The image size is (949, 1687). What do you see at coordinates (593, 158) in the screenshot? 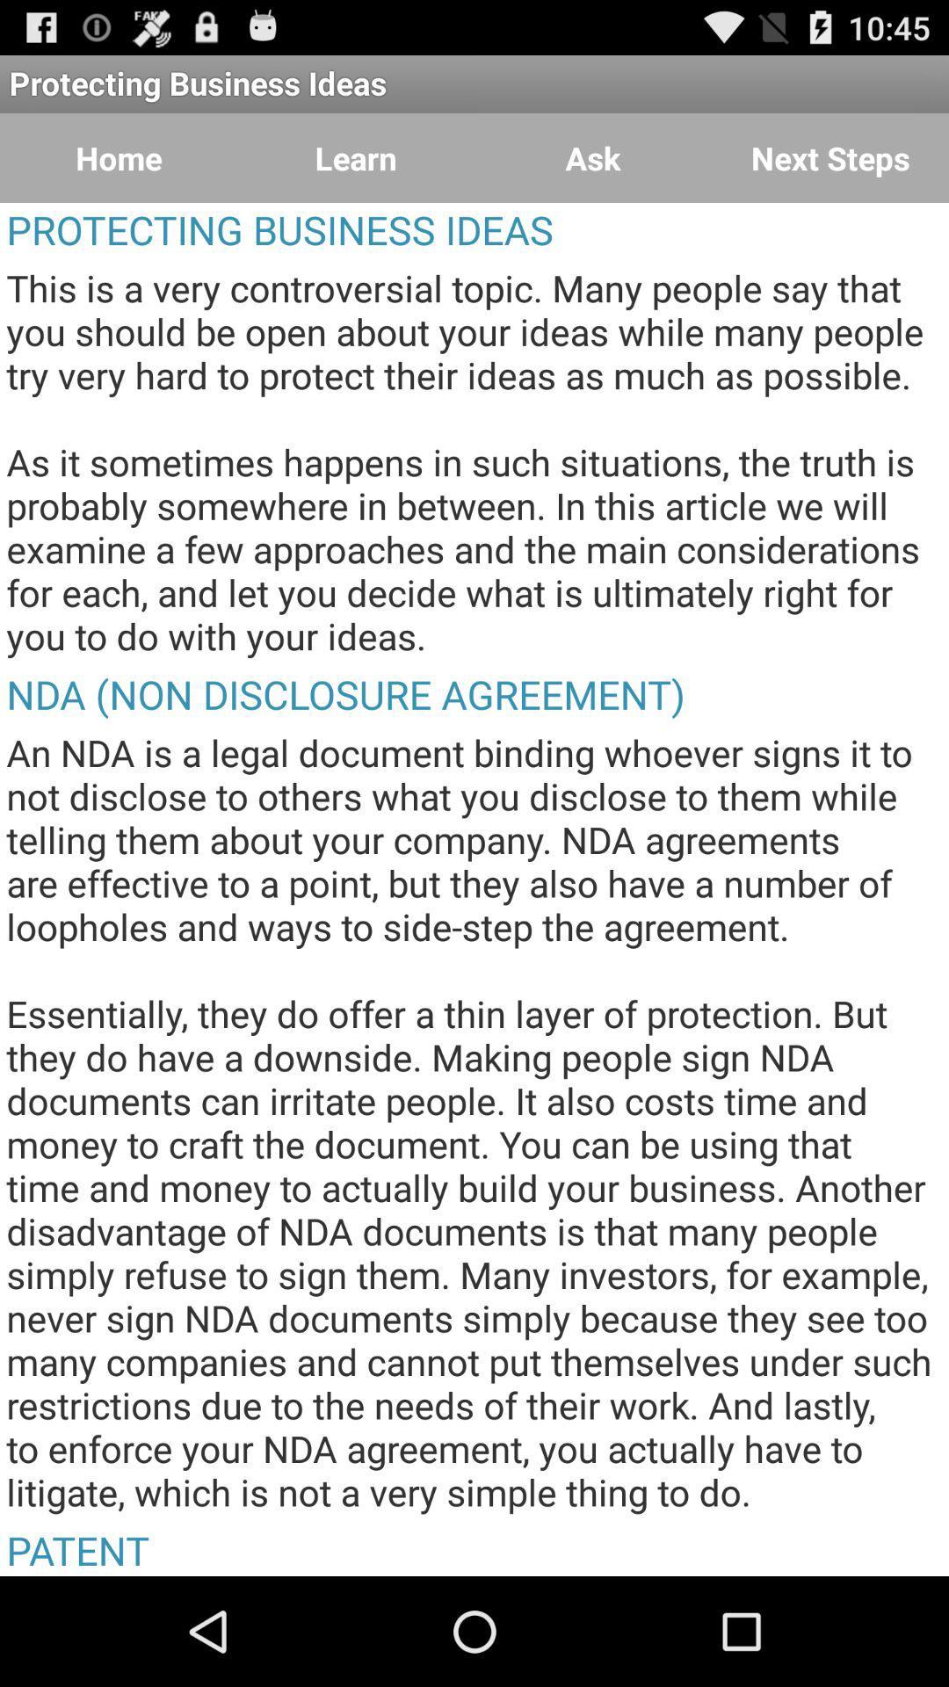
I see `ask item` at bounding box center [593, 158].